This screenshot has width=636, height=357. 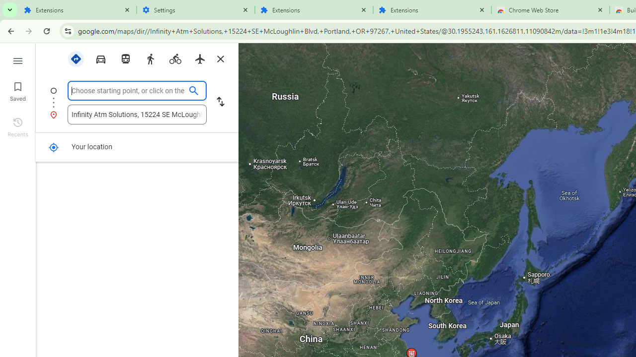 What do you see at coordinates (432, 10) in the screenshot?
I see `'Extensions'` at bounding box center [432, 10].